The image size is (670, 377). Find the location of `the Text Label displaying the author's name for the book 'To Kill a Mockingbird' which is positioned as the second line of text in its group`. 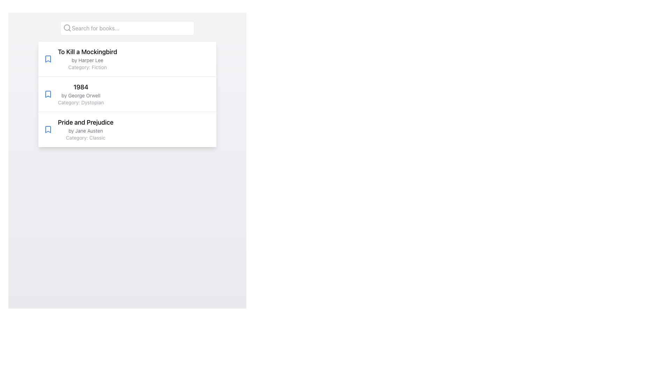

the Text Label displaying the author's name for the book 'To Kill a Mockingbird' which is positioned as the second line of text in its group is located at coordinates (87, 60).